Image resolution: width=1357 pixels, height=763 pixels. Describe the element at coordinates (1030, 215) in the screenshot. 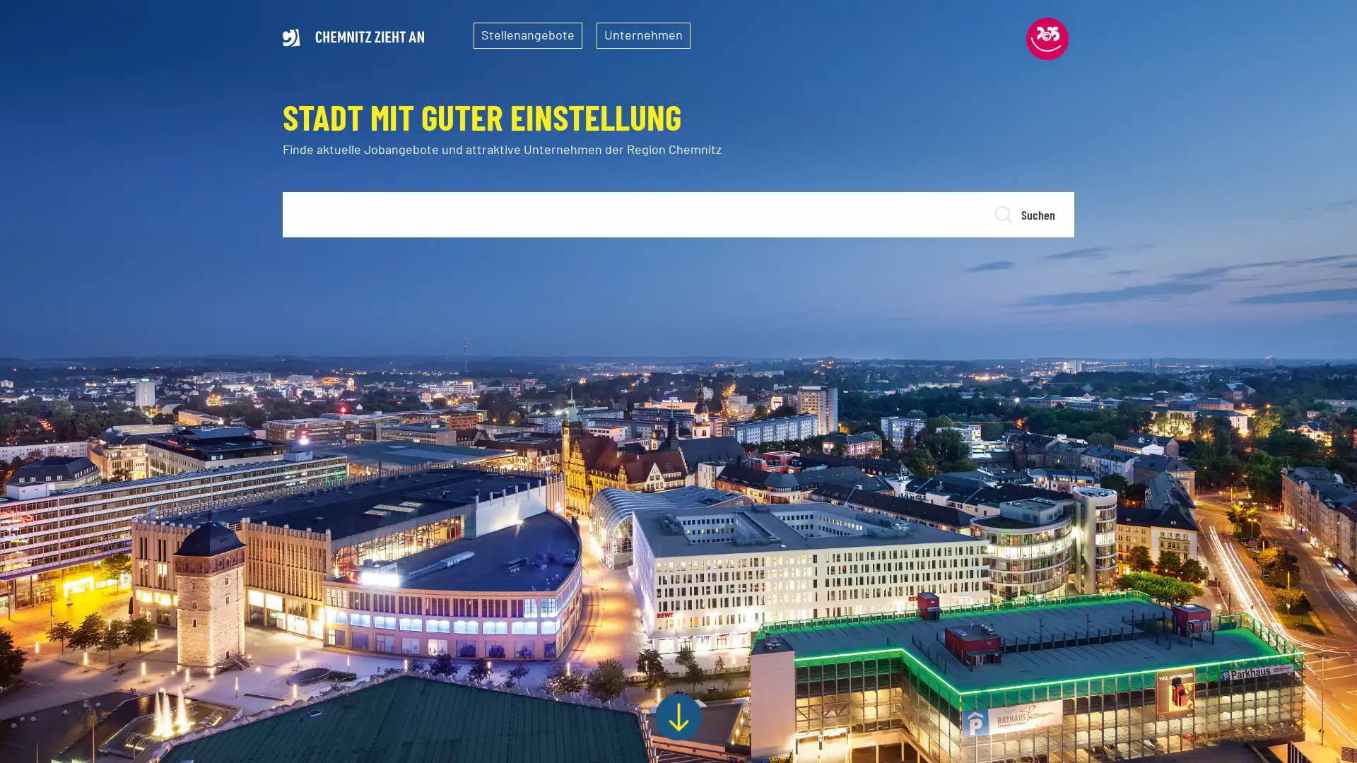

I see `Suchen` at that location.